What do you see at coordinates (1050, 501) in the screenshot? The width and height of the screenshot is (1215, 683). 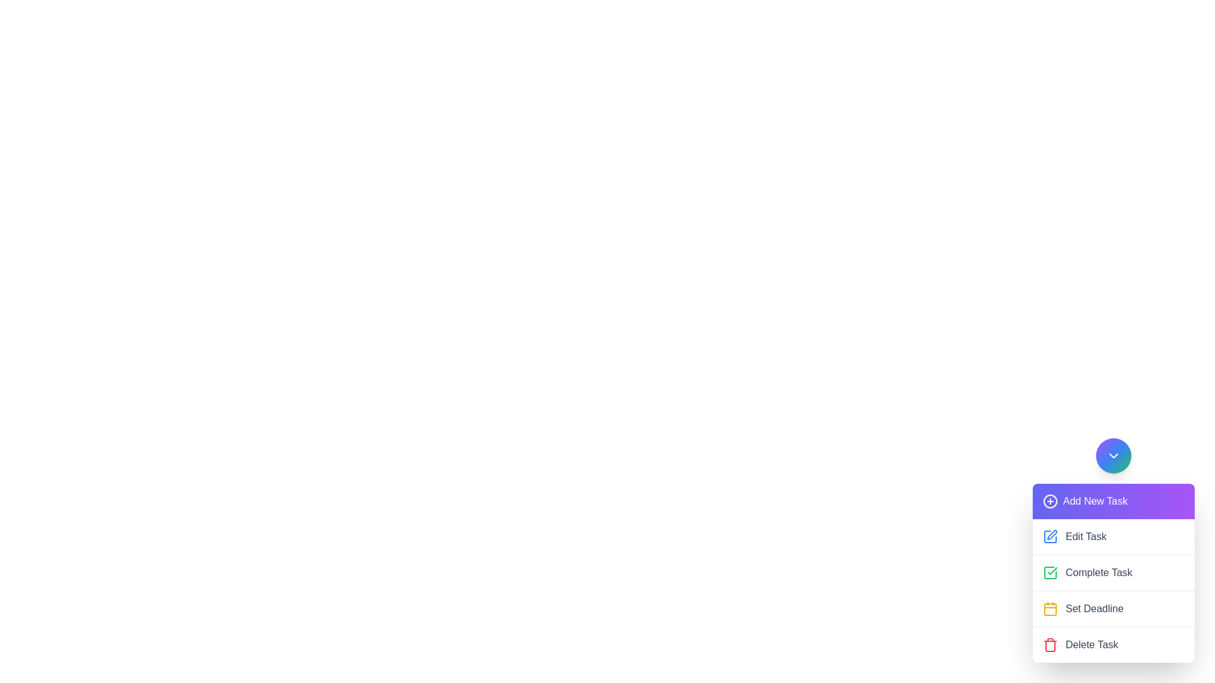 I see `circular icon with a plus sign inside, located at the top-left corner of the 'Add New Task' button, for styling` at bounding box center [1050, 501].